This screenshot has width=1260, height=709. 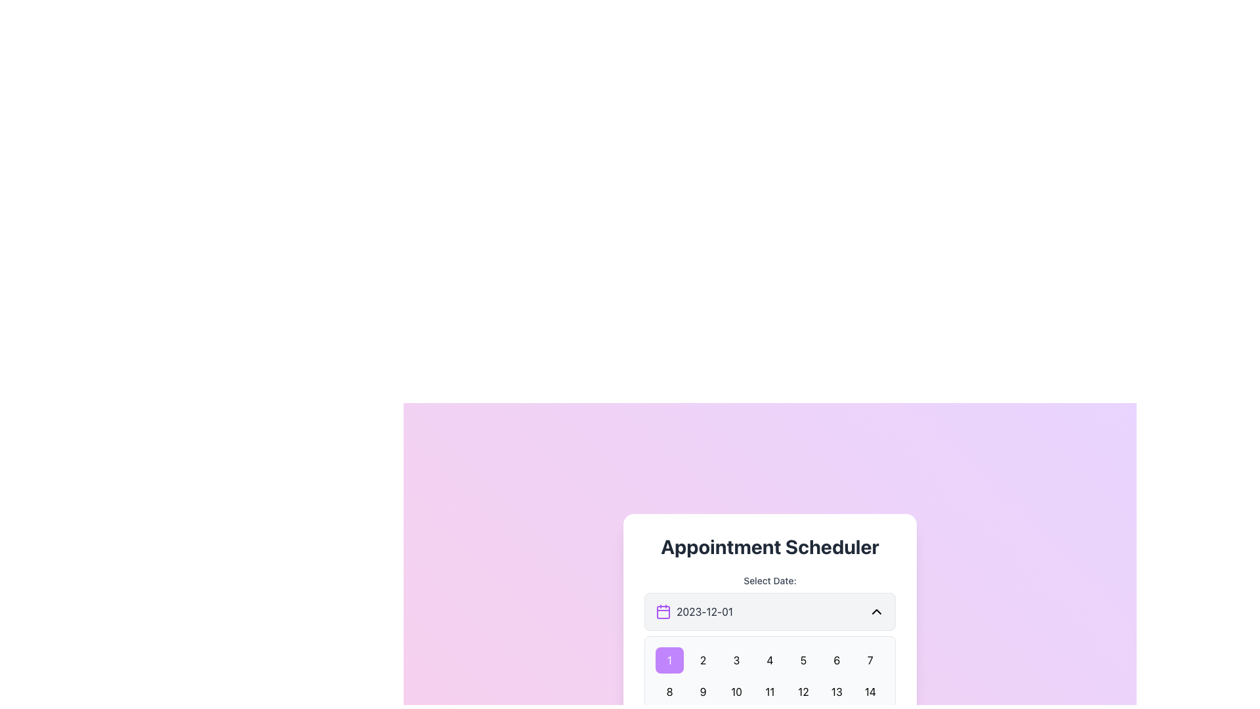 What do you see at coordinates (836, 660) in the screenshot?
I see `the Calendar Day button displaying '6'` at bounding box center [836, 660].